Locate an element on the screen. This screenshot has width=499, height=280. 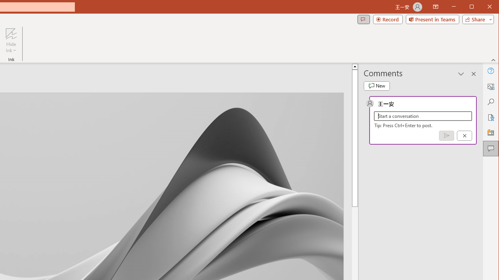
'New comment' is located at coordinates (377, 86).